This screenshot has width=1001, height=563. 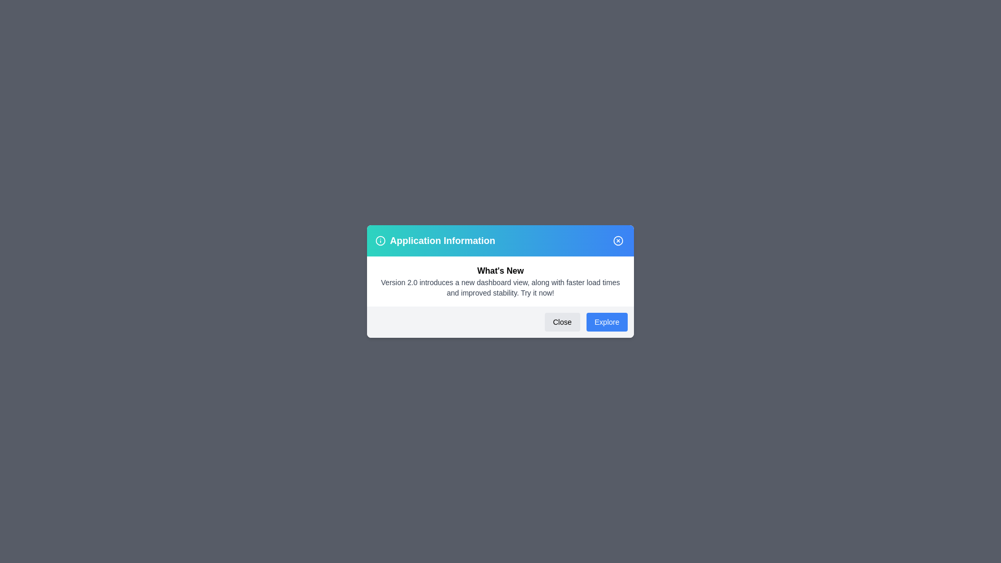 I want to click on the 'Explore' button in the footer of the dialog, so click(x=606, y=321).